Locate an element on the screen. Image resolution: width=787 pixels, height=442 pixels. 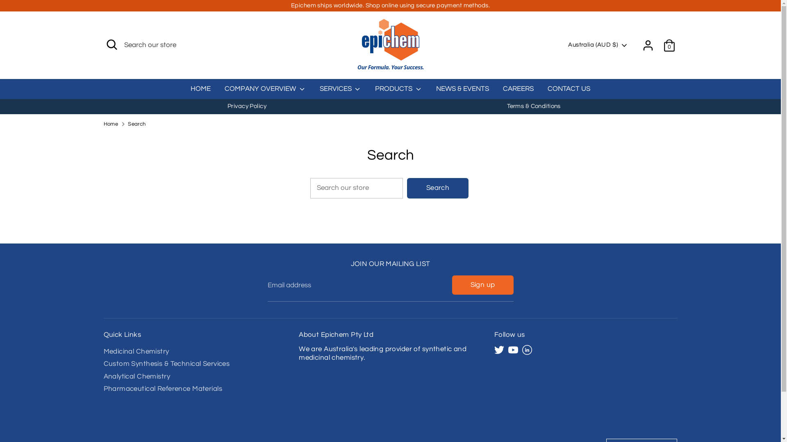
'CONTACT US' is located at coordinates (541, 91).